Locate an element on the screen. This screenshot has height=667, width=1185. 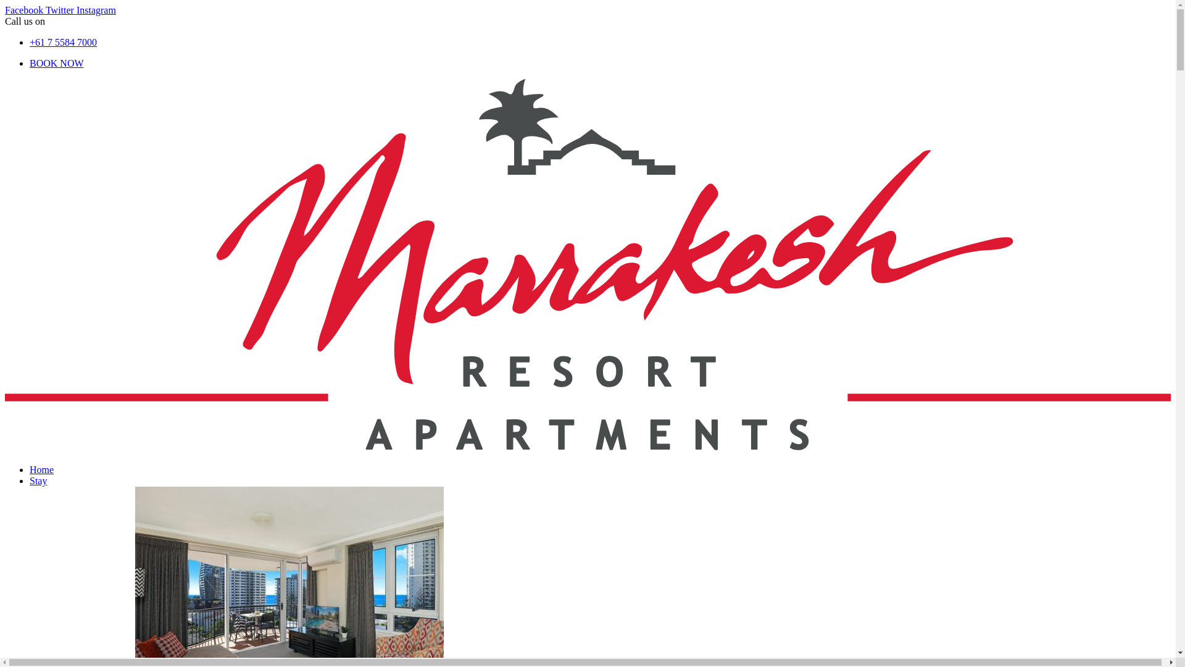
'Home' is located at coordinates (41, 469).